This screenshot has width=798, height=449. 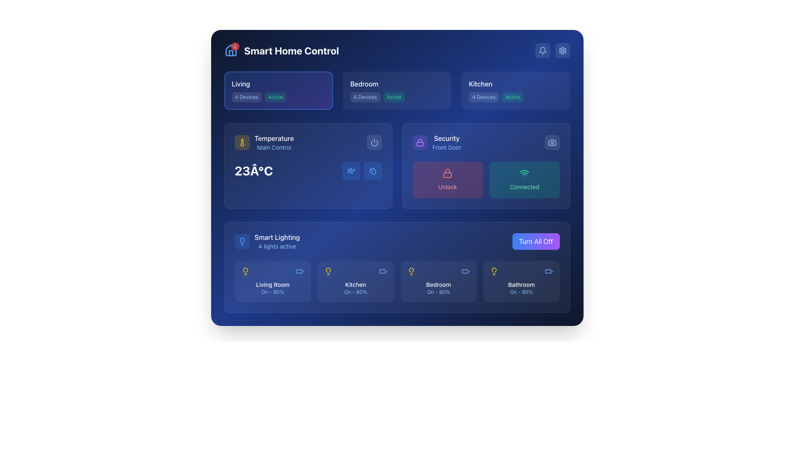 I want to click on the first clickable card component in the Smart Lighting section, which features a yellow lightbulb icon on the left and a blue battery icon on the right, along with the text 'Living Room' and 'On - 80%', so click(x=273, y=281).